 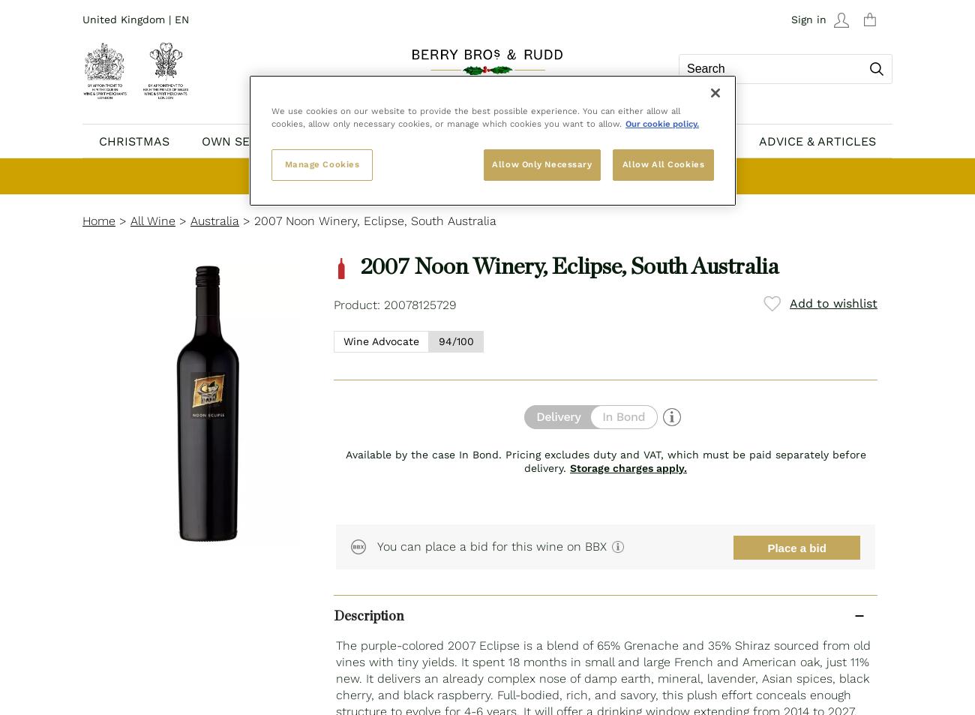 I want to click on 'United Kingdom | EN', so click(x=135, y=19).